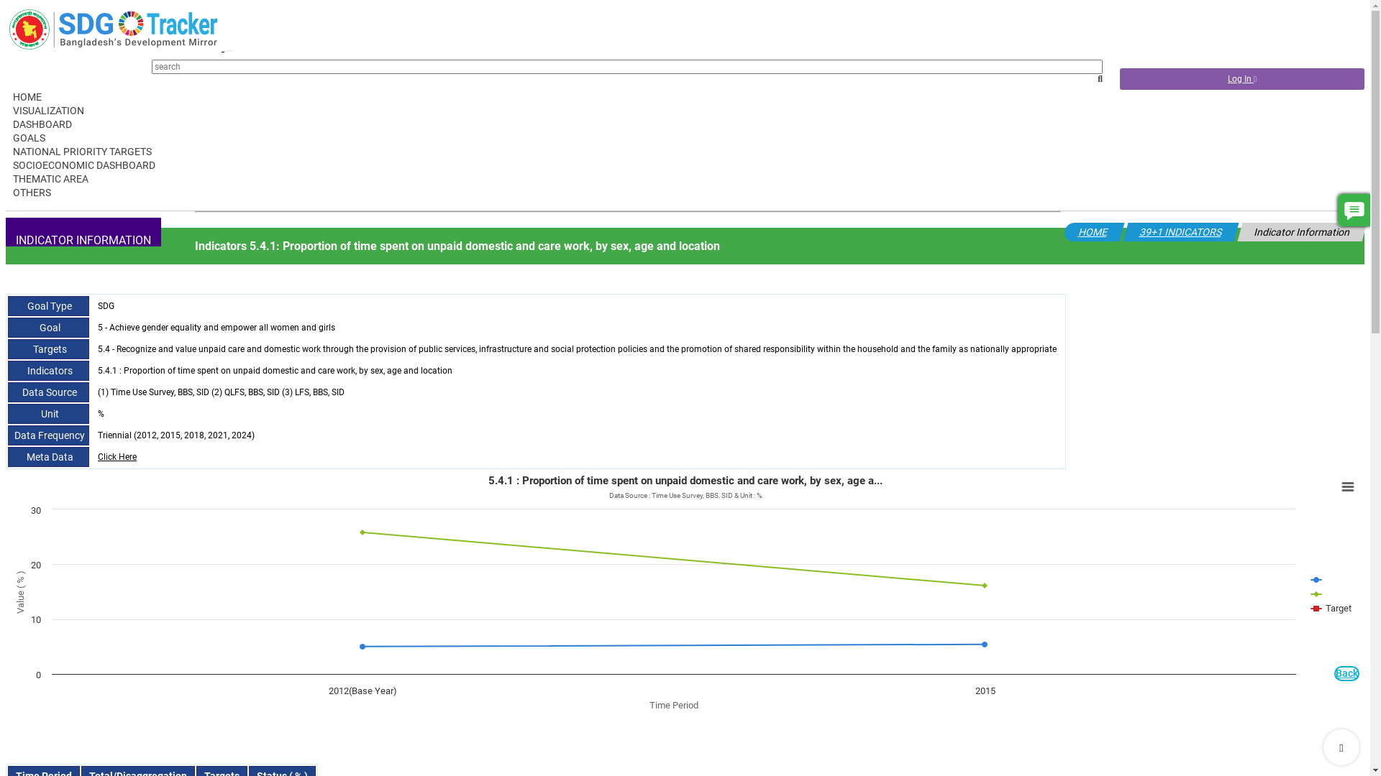  What do you see at coordinates (45, 110) in the screenshot?
I see `'VISUALIZATION'` at bounding box center [45, 110].